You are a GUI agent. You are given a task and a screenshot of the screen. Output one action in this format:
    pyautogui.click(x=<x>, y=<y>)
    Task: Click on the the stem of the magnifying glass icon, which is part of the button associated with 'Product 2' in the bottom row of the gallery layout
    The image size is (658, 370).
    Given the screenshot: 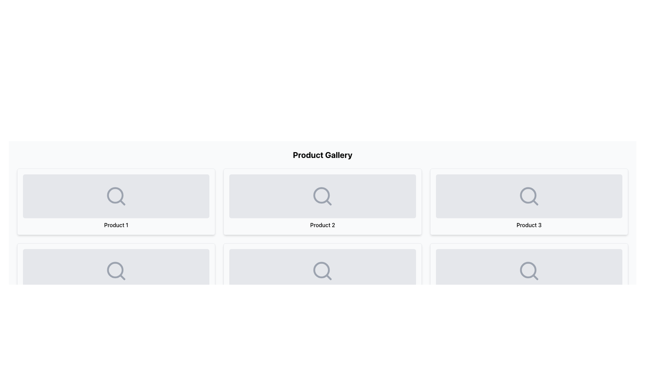 What is the action you would take?
    pyautogui.click(x=328, y=277)
    